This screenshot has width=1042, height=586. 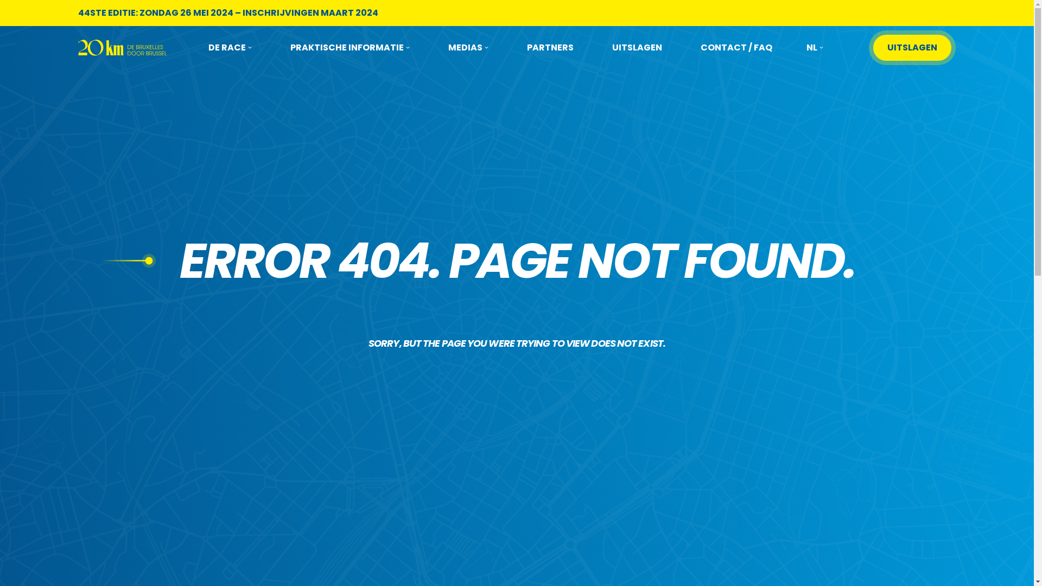 I want to click on 'DE RACE', so click(x=229, y=47).